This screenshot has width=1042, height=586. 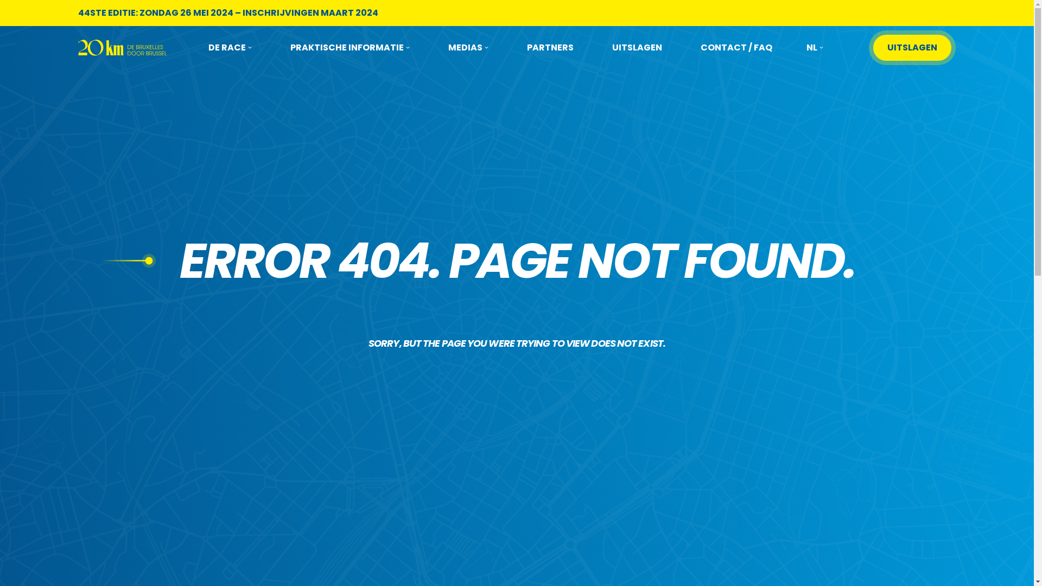 I want to click on 'DE RACE', so click(x=229, y=47).